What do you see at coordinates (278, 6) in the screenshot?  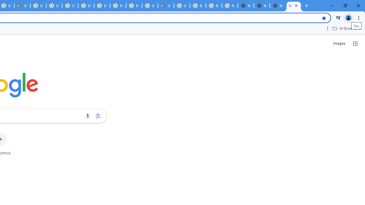 I see `'New Tab'` at bounding box center [278, 6].